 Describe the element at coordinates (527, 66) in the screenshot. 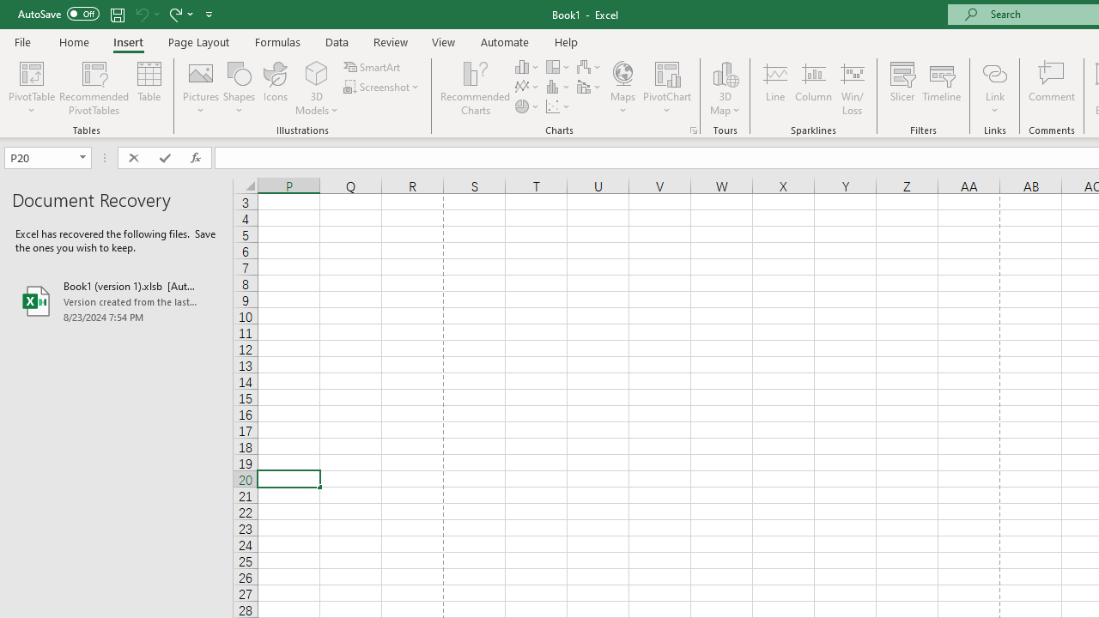

I see `'Insert Column or Bar Chart'` at that location.